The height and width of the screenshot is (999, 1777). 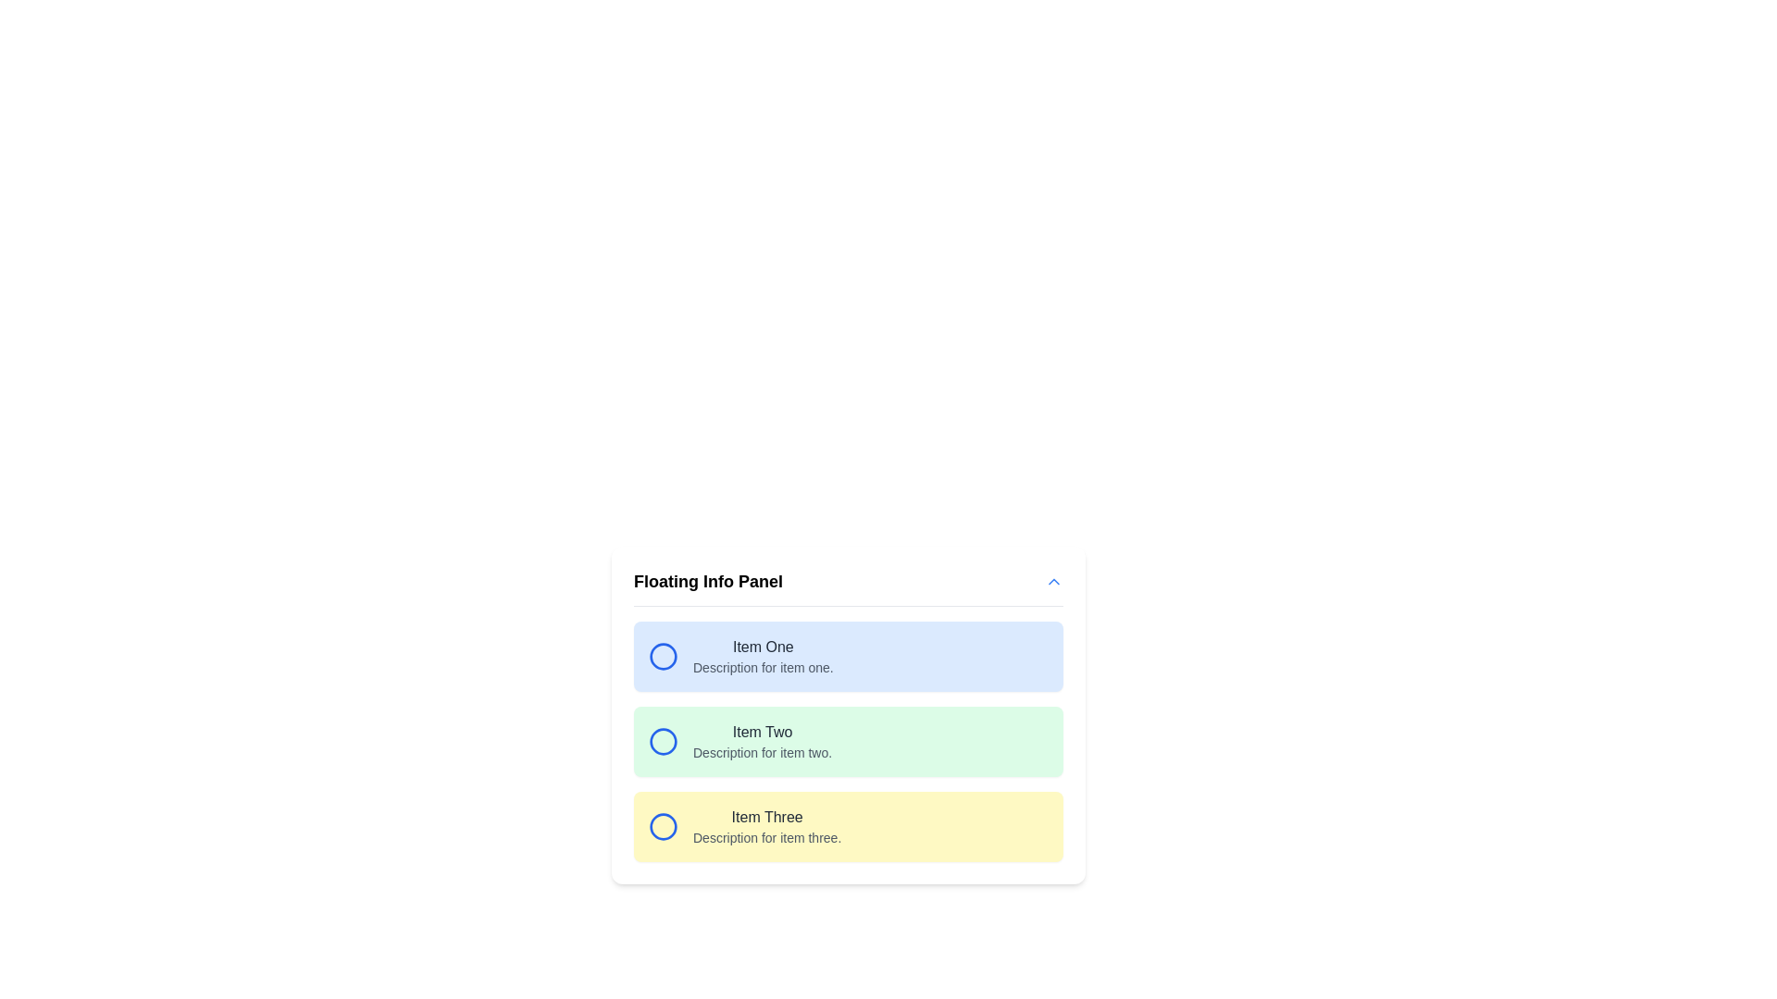 I want to click on text displayed in the plain text field beneath the heading 'Item Three' in the third entry of the list, which shows 'Description for item three.', so click(x=767, y=838).